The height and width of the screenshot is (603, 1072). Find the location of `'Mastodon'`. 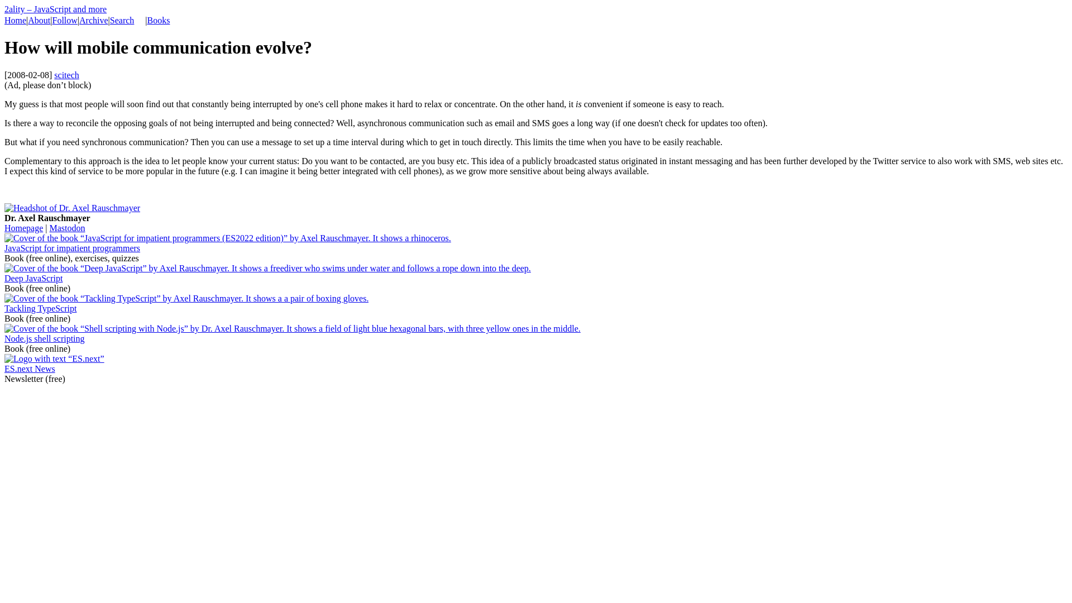

'Mastodon' is located at coordinates (66, 227).